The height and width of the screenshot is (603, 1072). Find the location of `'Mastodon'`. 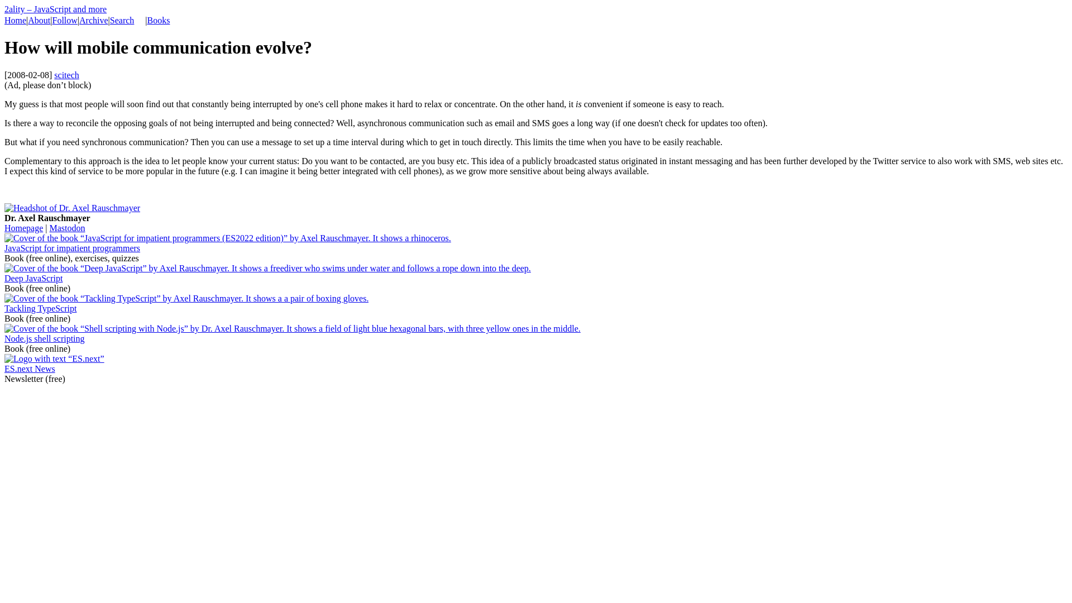

'Mastodon' is located at coordinates (66, 227).